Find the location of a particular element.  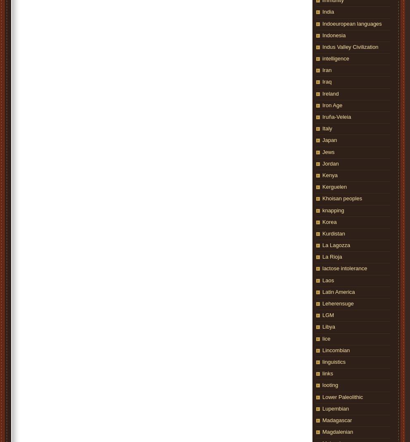

'Kurdistan' is located at coordinates (333, 233).